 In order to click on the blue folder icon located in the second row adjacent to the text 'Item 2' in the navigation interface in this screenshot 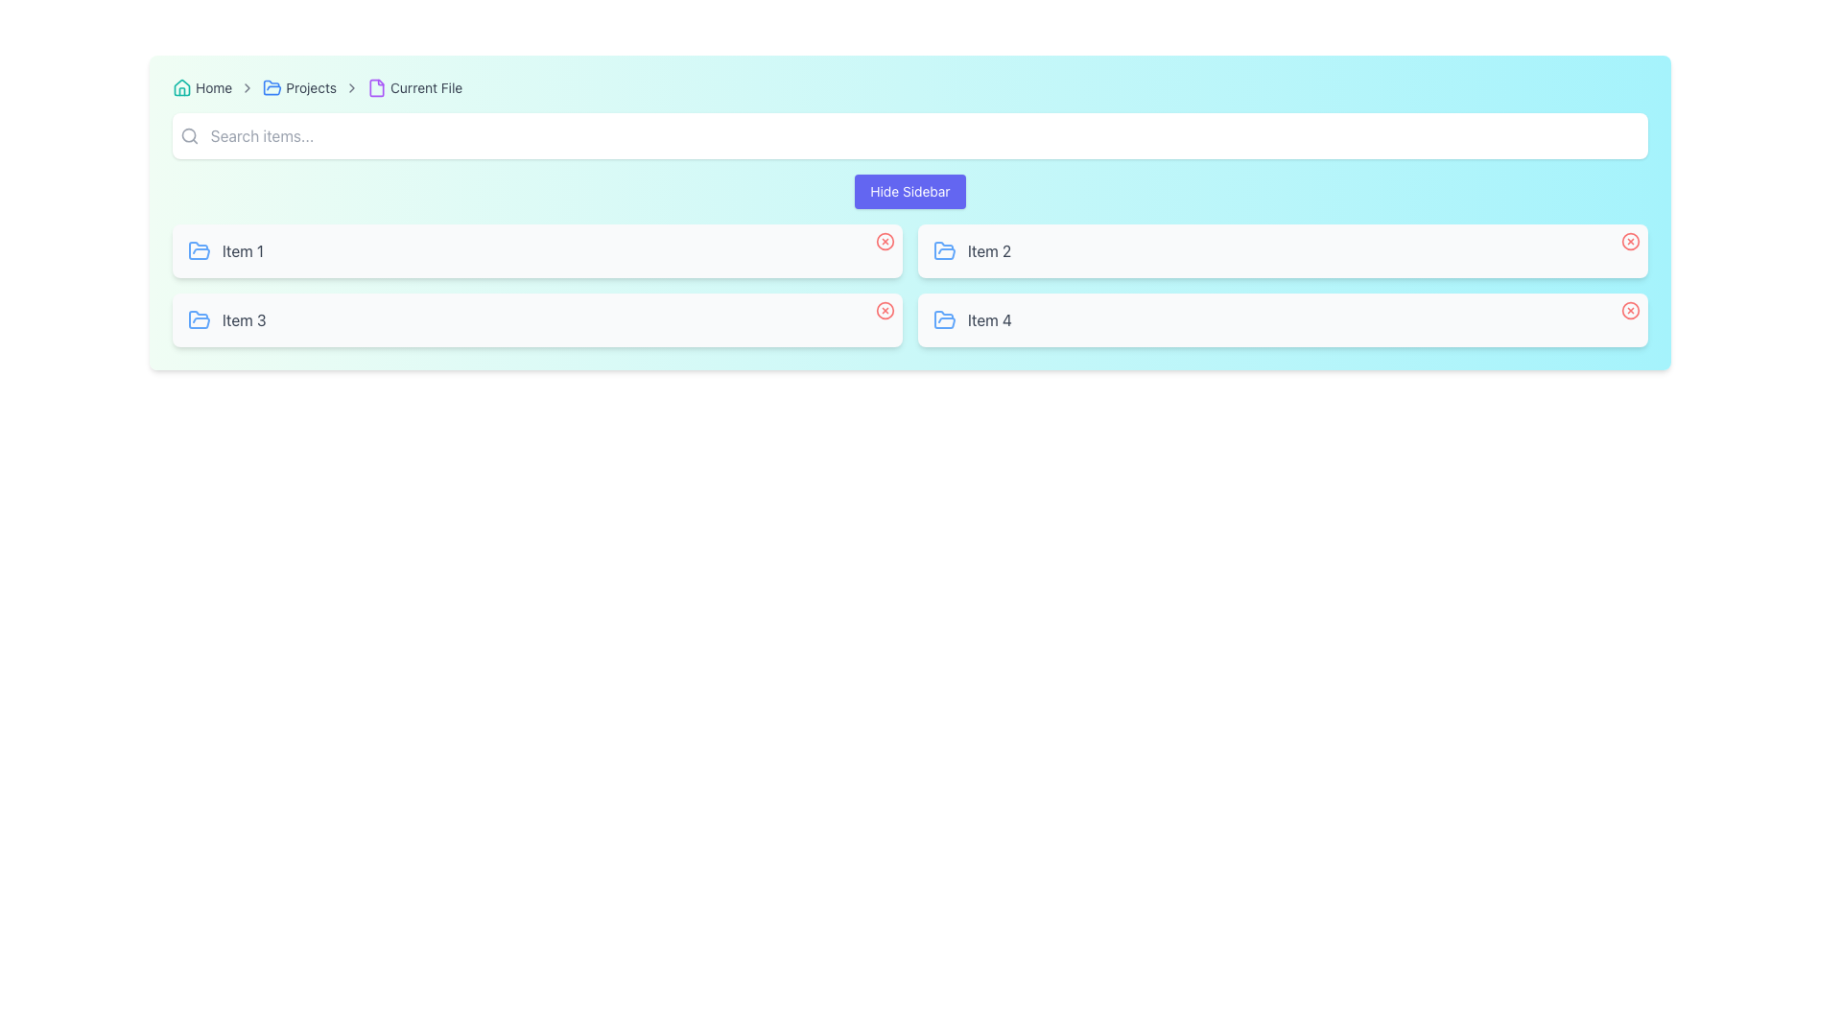, I will do `click(944, 249)`.